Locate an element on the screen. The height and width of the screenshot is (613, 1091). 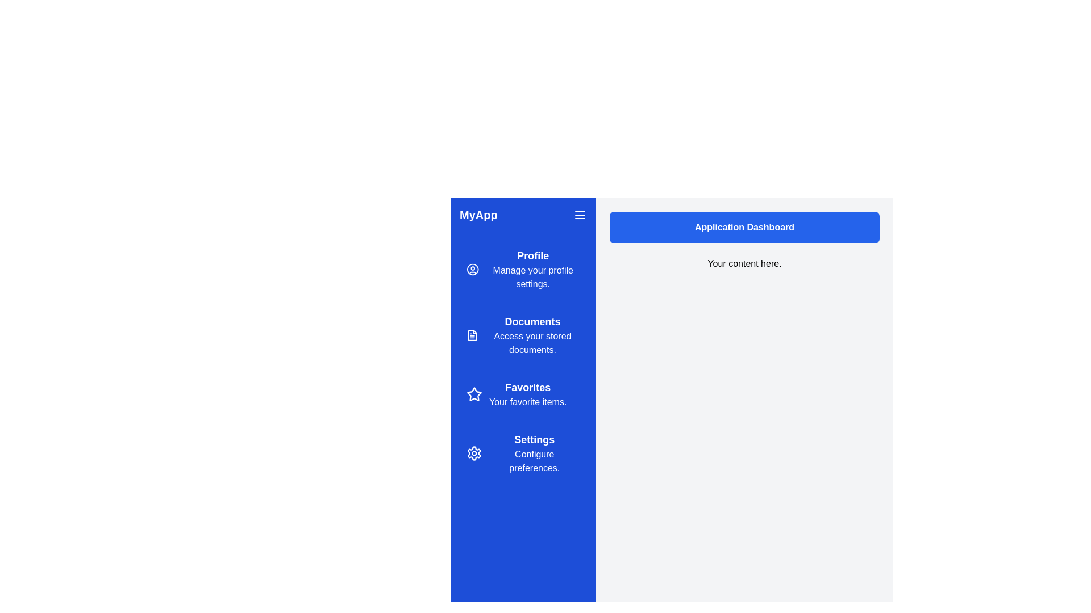
the navigation item labeled Settings to preview its description is located at coordinates (523, 452).